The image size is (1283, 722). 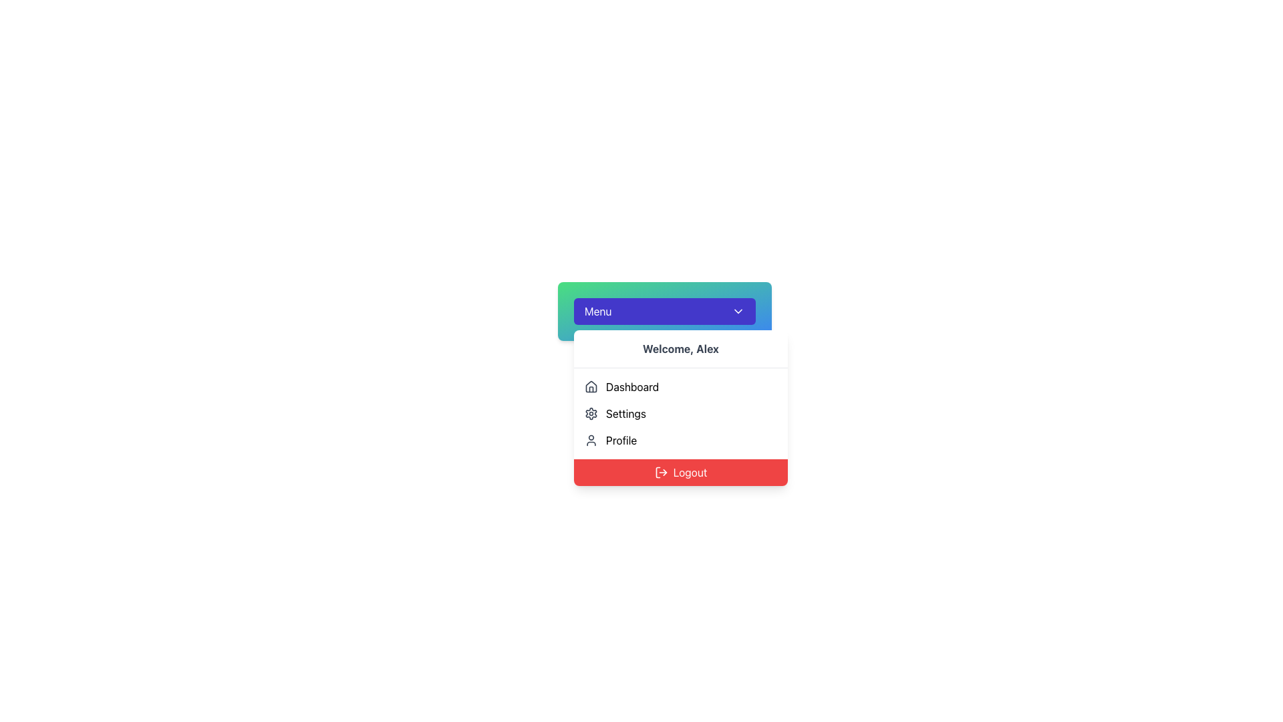 I want to click on the home icon located to the left of the 'Dashboard' text in the navigation menu, so click(x=590, y=386).